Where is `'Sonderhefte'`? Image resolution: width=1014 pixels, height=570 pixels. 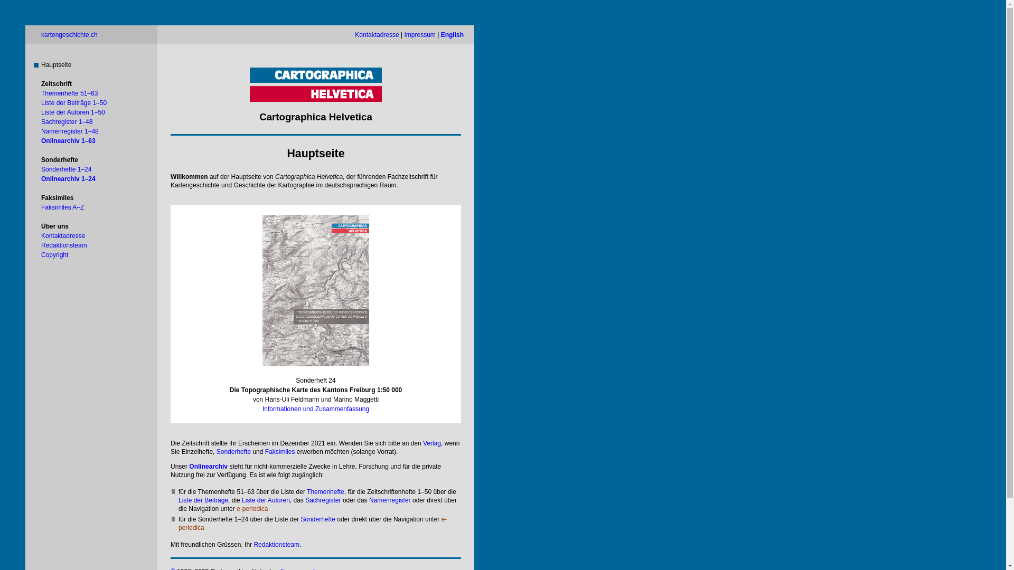
'Sonderhefte' is located at coordinates (317, 518).